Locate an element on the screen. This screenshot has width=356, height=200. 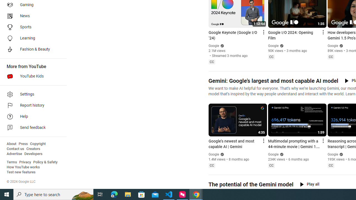
'Test new features' is located at coordinates (21, 172).